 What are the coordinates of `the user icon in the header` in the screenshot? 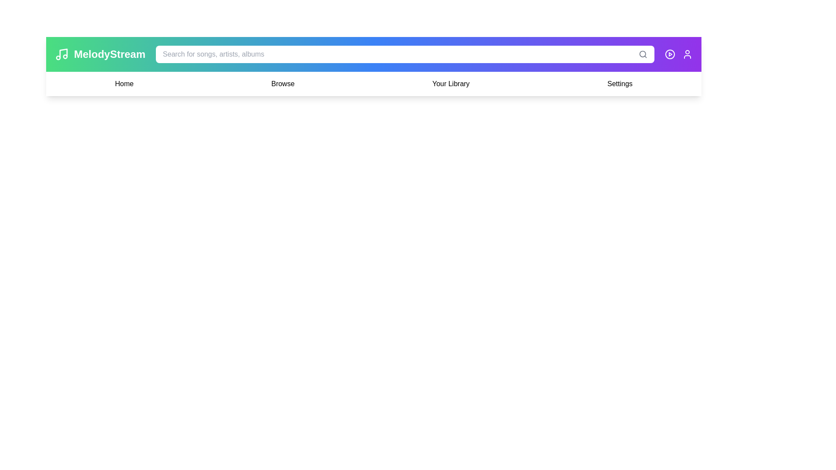 It's located at (687, 54).